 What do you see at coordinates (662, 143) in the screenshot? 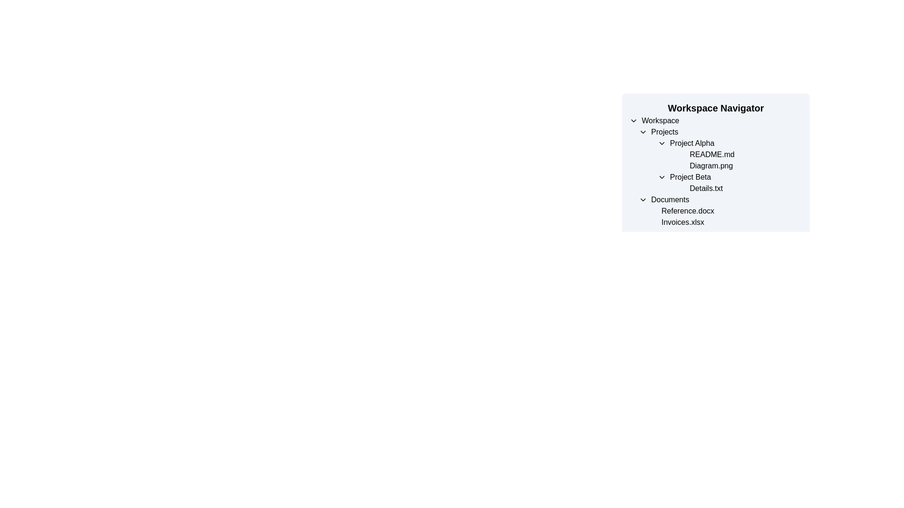
I see `the small downward-oriented triangular chevron icon located to the left of the 'Project Alpha' text label to indicate interaction possibility` at bounding box center [662, 143].